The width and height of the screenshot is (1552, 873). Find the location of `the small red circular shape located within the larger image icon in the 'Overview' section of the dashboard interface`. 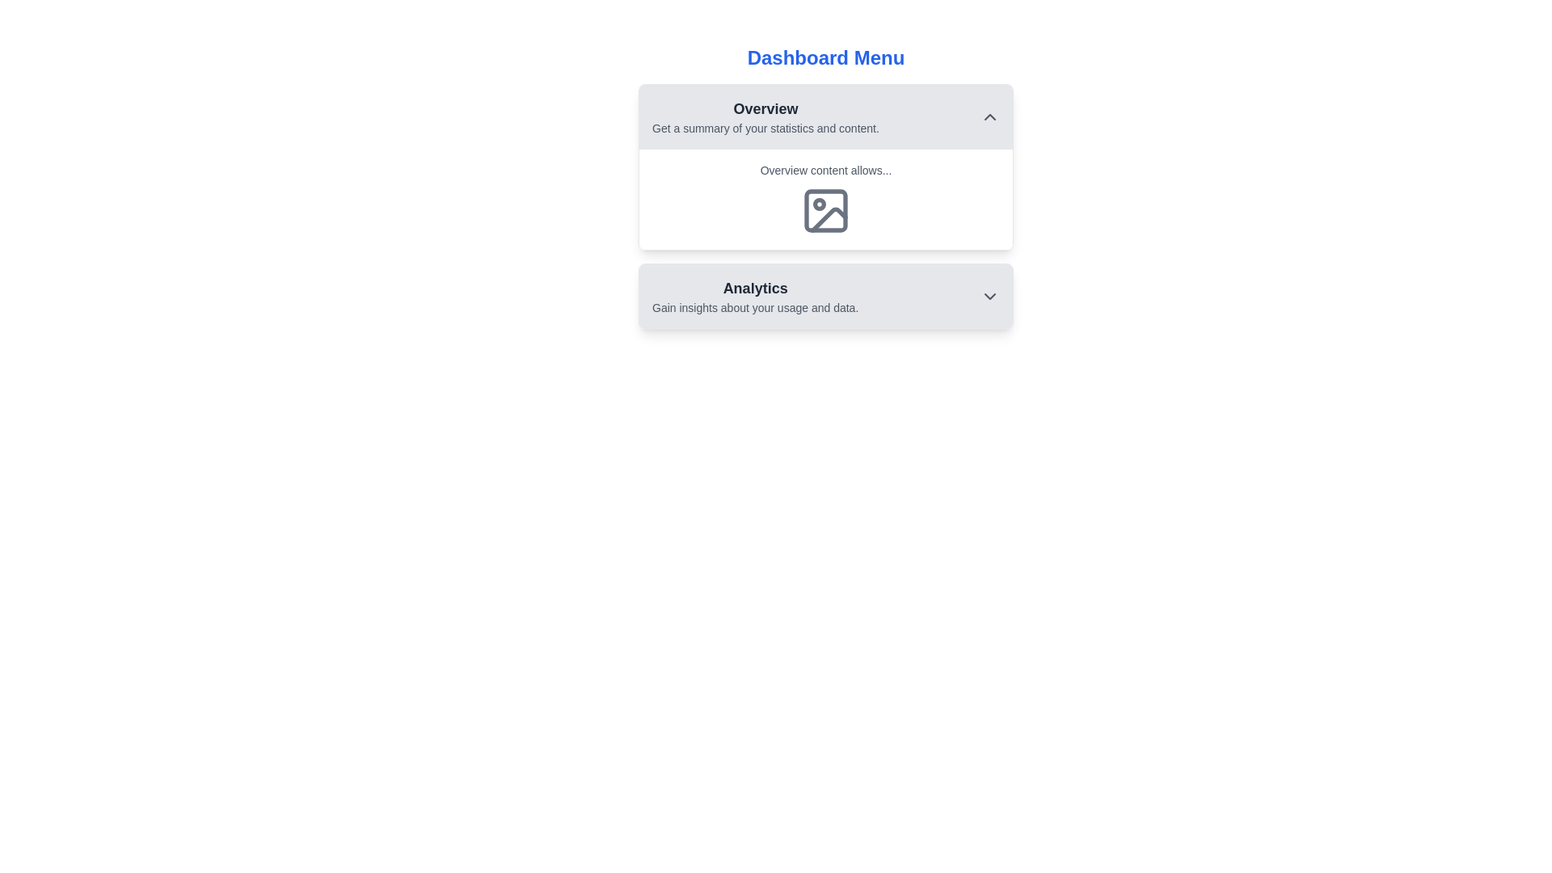

the small red circular shape located within the larger image icon in the 'Overview' section of the dashboard interface is located at coordinates (819, 204).